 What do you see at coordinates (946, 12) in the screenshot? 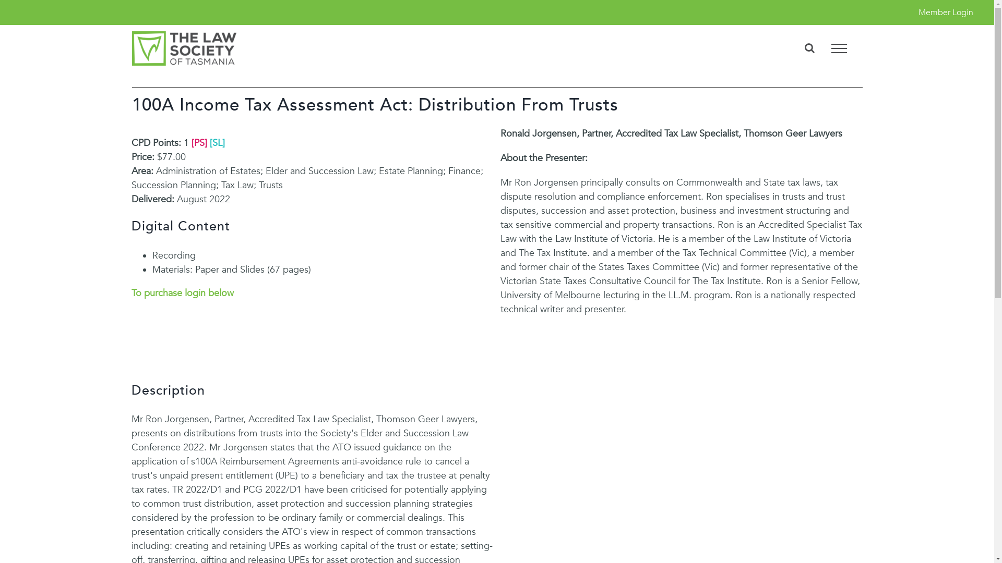
I see `'Member Login'` at bounding box center [946, 12].